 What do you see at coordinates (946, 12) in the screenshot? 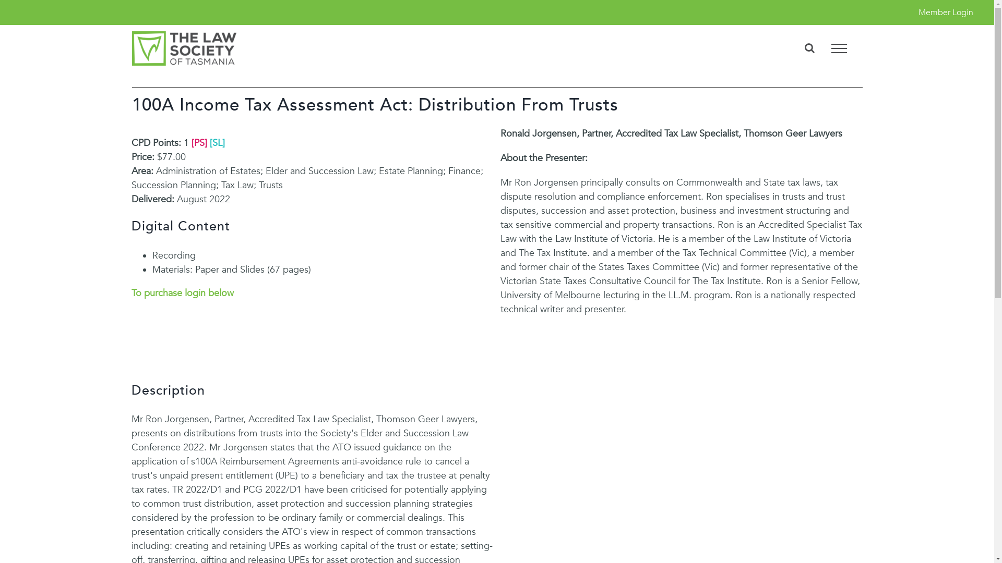
I see `'Member Login'` at bounding box center [946, 12].